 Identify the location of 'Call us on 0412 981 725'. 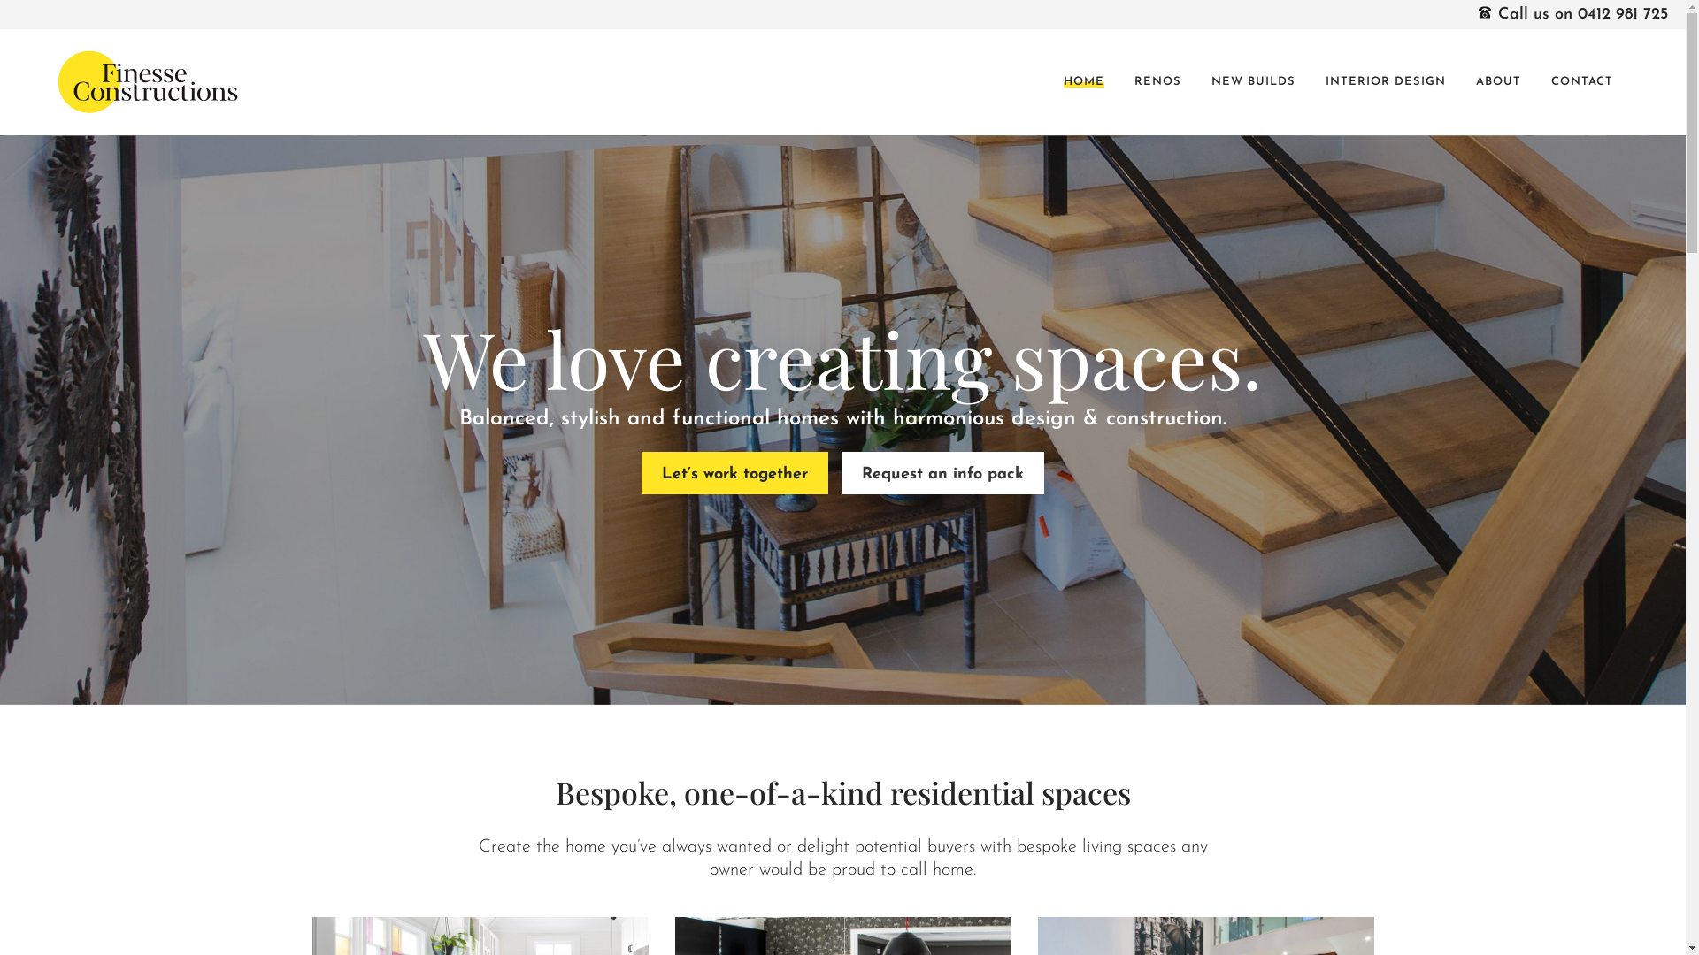
(1572, 14).